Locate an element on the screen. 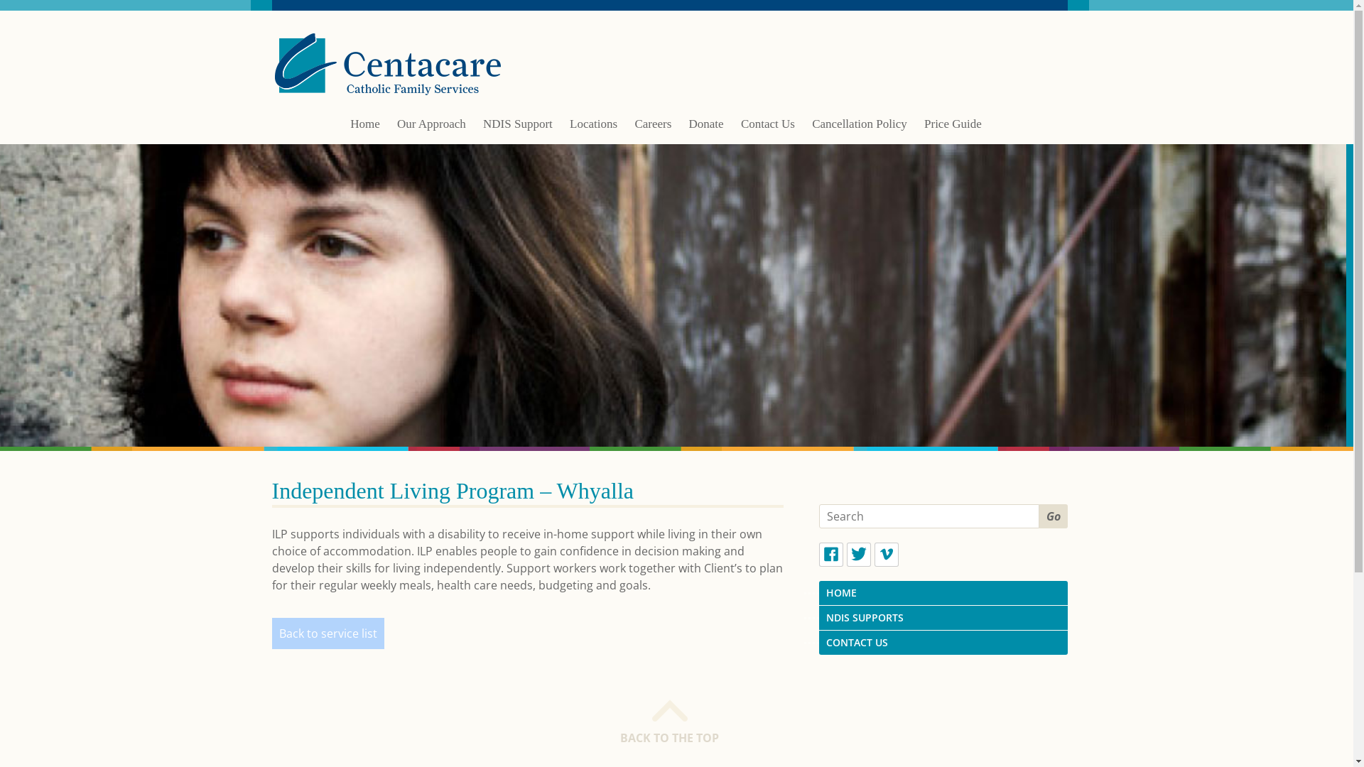 The width and height of the screenshot is (1364, 767). 'Cancellation Policy' is located at coordinates (858, 131).